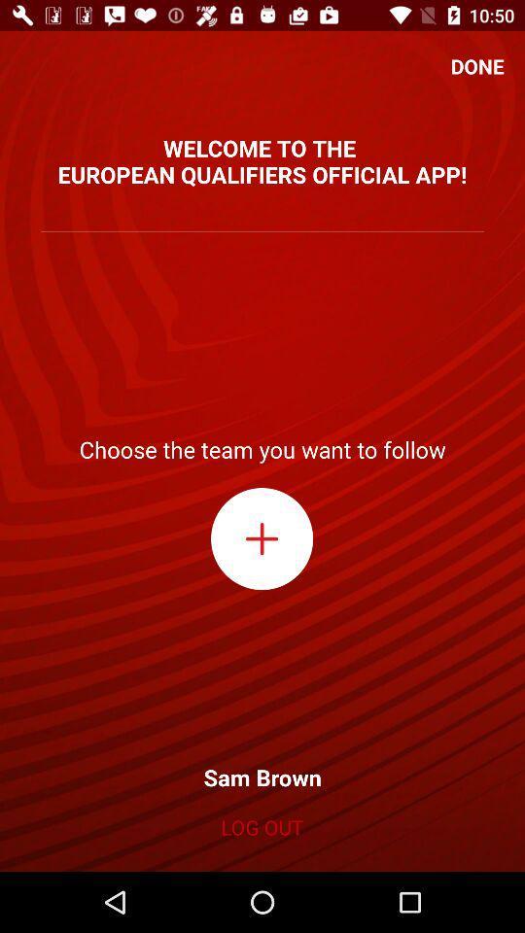 The width and height of the screenshot is (525, 933). Describe the element at coordinates (476, 66) in the screenshot. I see `done icon` at that location.